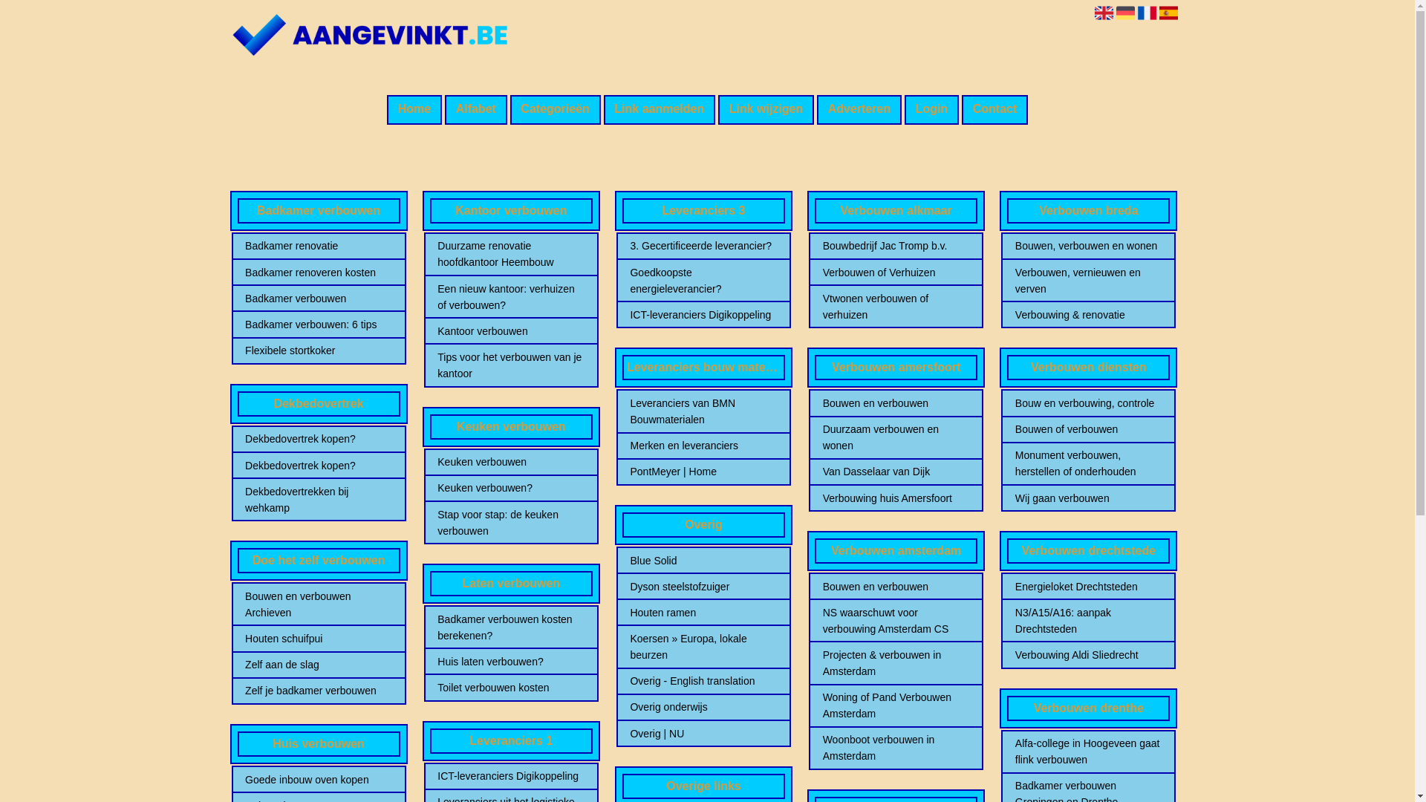 The height and width of the screenshot is (802, 1426). What do you see at coordinates (317, 663) in the screenshot?
I see `'Zelf aan de slag'` at bounding box center [317, 663].